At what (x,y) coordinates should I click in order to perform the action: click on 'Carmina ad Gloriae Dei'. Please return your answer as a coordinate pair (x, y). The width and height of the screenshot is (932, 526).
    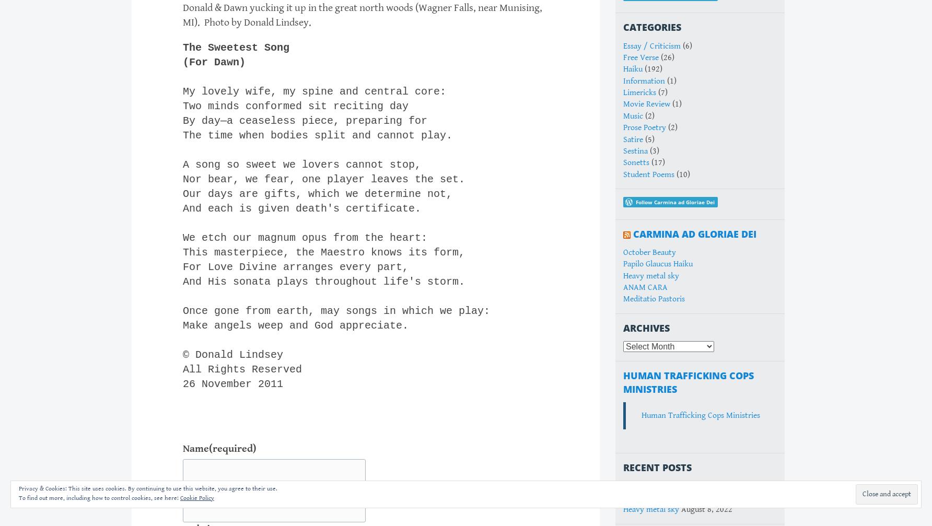
    Looking at the image, I should click on (694, 233).